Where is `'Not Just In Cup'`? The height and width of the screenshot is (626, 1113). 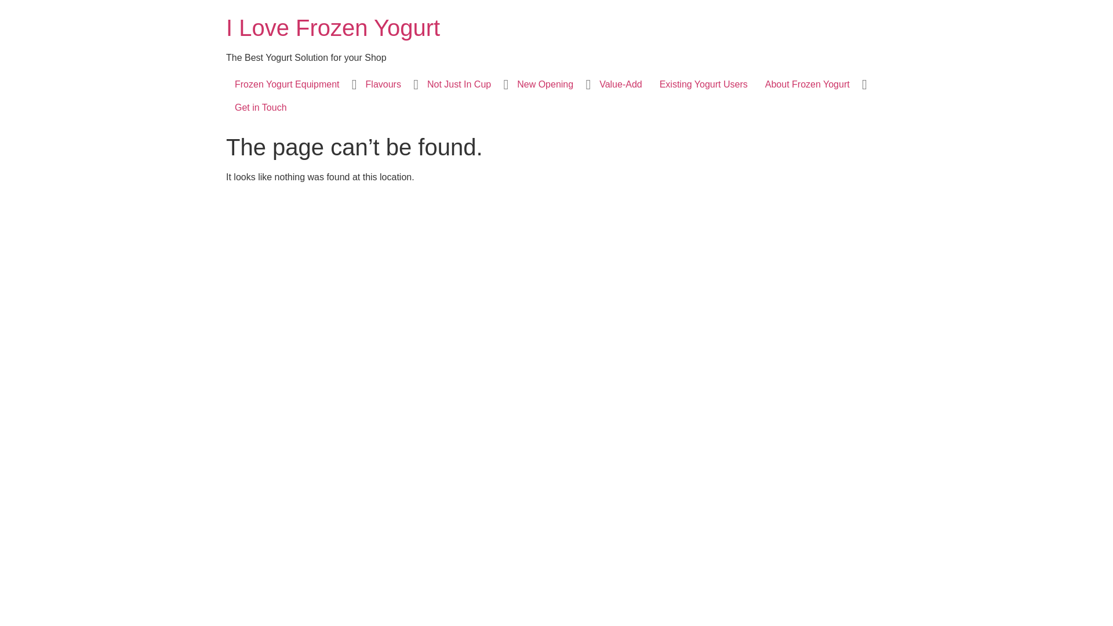
'Not Just In Cup' is located at coordinates (417, 84).